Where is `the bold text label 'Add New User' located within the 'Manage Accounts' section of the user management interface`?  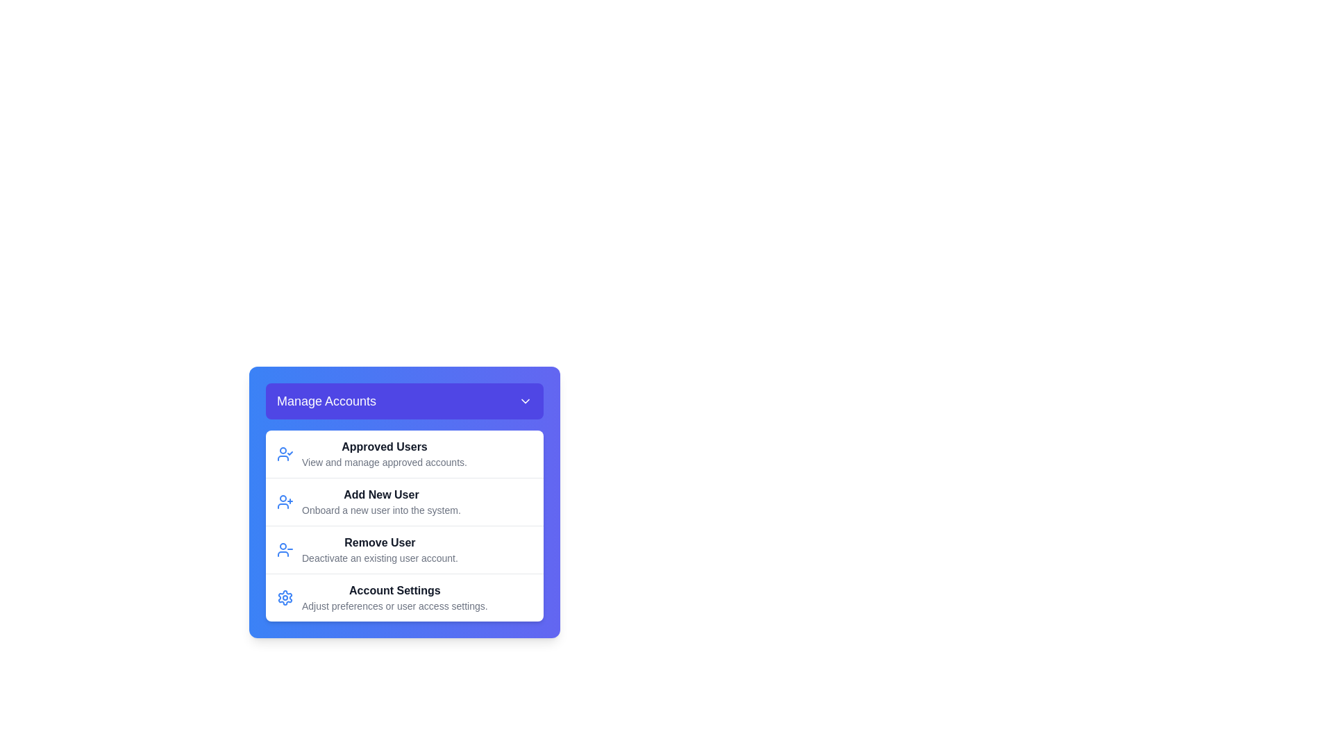 the bold text label 'Add New User' located within the 'Manage Accounts' section of the user management interface is located at coordinates (381, 494).